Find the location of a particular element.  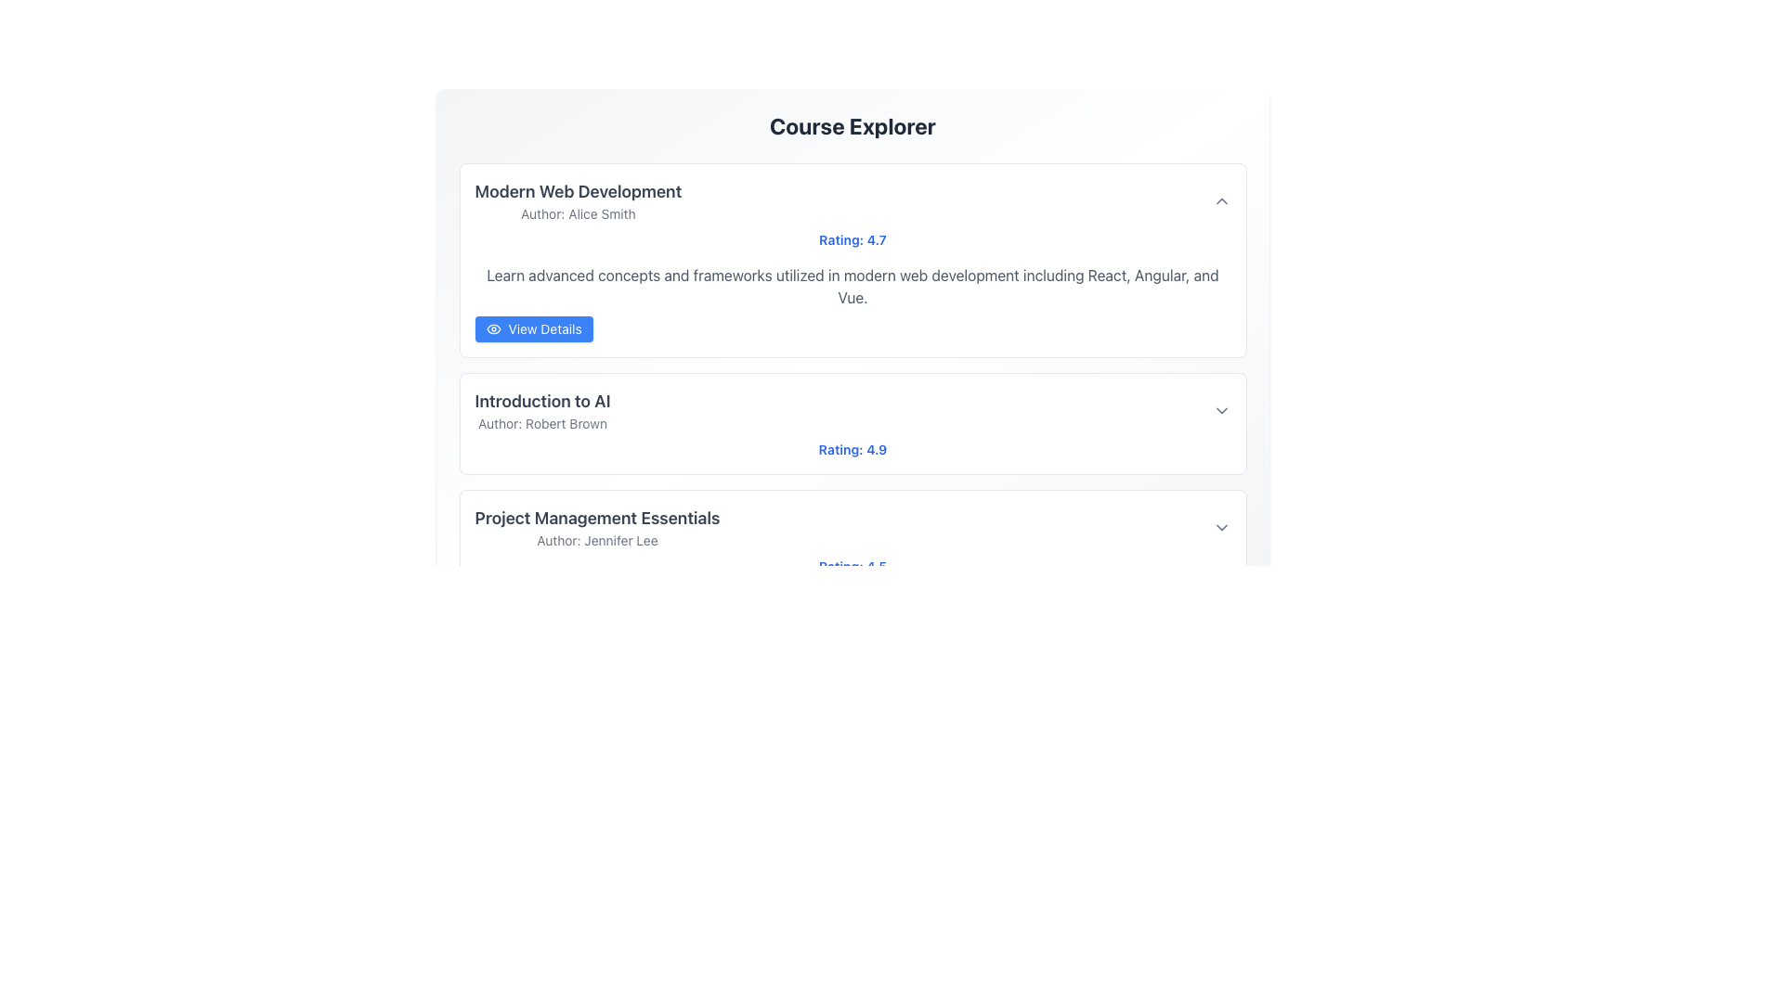

title and author of the course from the second main entry in the course directory, located between 'Modern Web Development' and 'Project Management Essentials' is located at coordinates (541, 410).